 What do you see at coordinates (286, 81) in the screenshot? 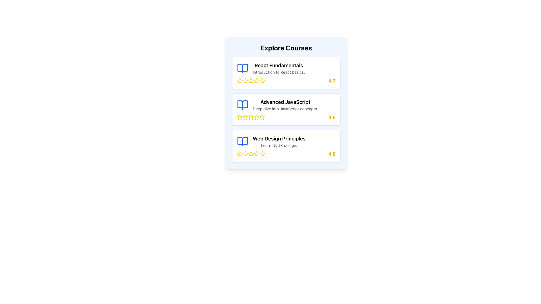
I see `the individual star icons in the Rating Indicator for the 'React Fundamentals' card, which has a numeric rating value of '4.7' and is visually represented by yellow stars` at bounding box center [286, 81].